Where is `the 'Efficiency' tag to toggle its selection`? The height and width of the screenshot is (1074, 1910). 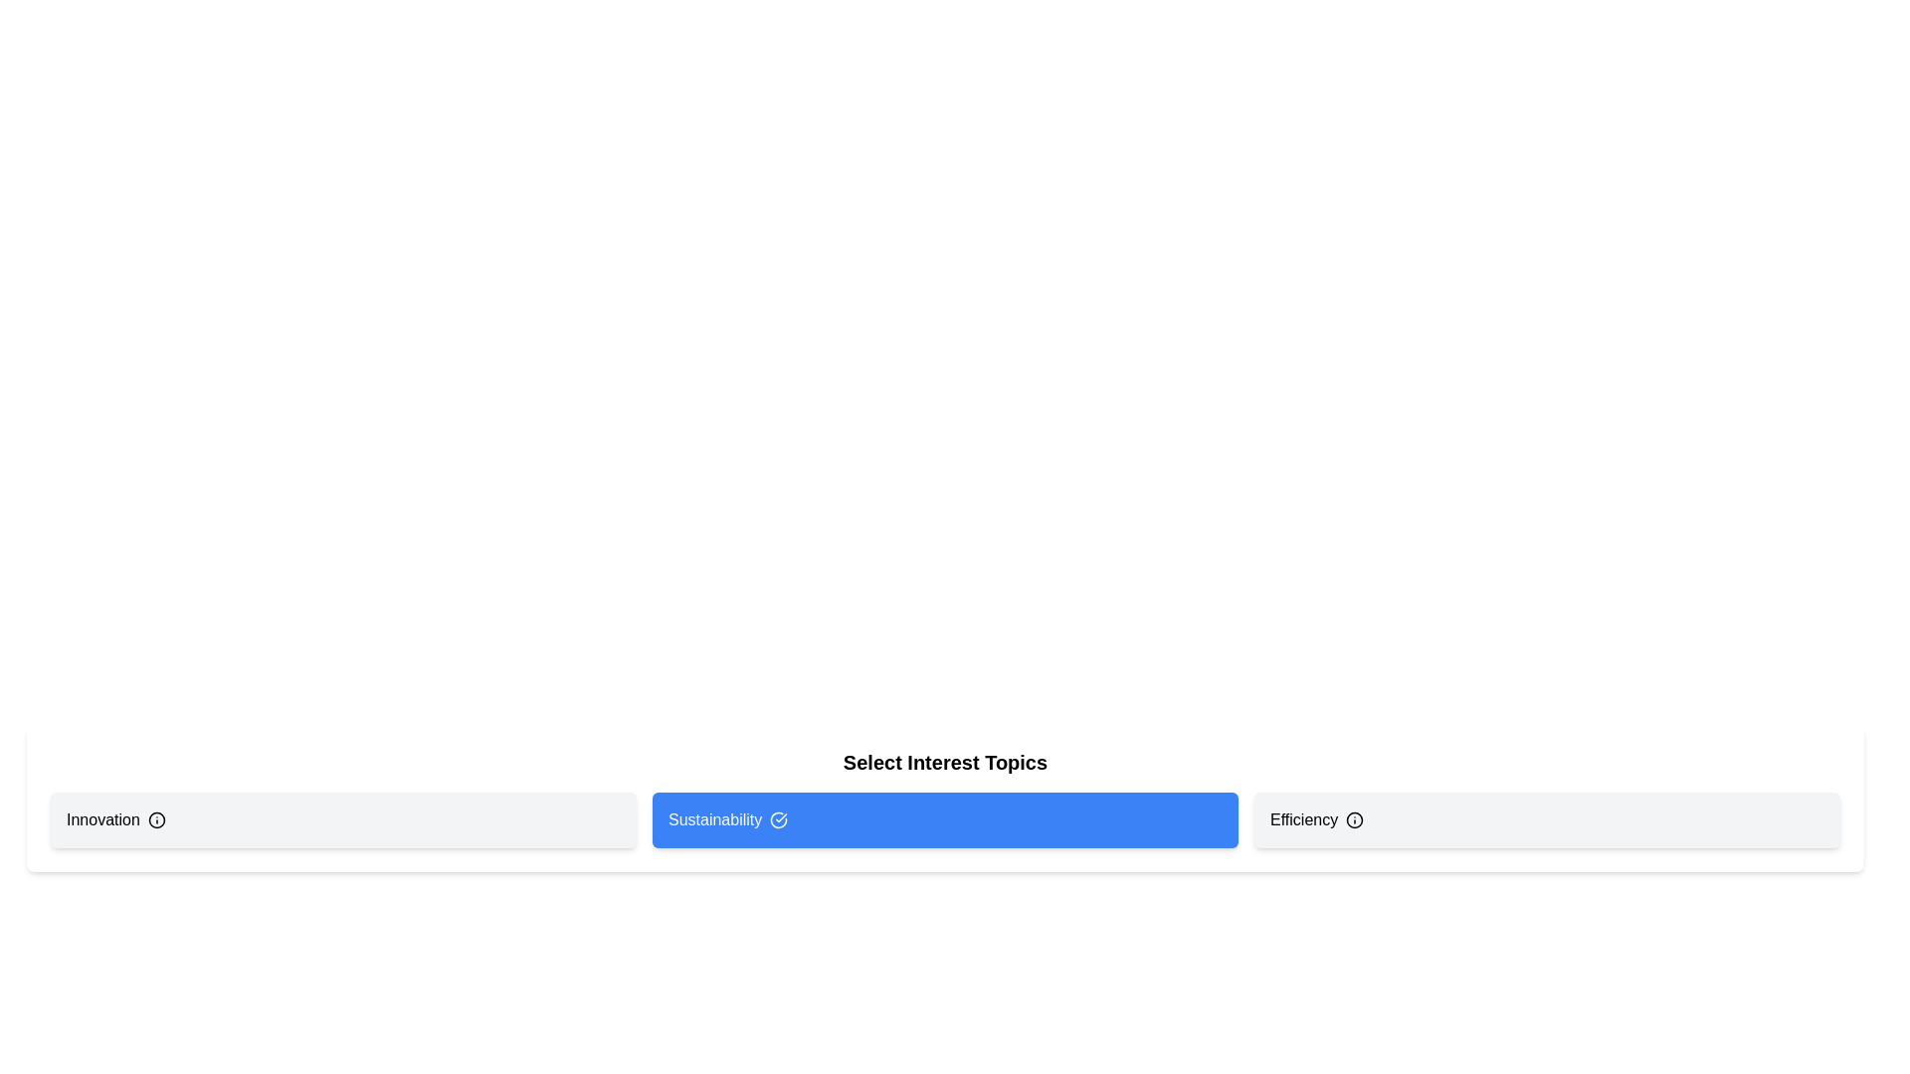 the 'Efficiency' tag to toggle its selection is located at coordinates (1546, 820).